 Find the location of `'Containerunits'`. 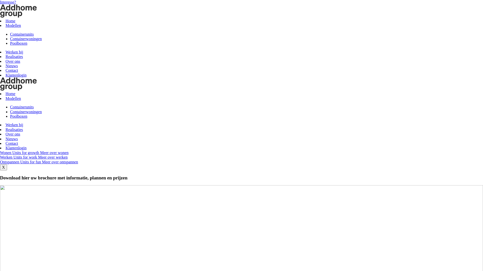

'Containerunits' is located at coordinates (21, 34).